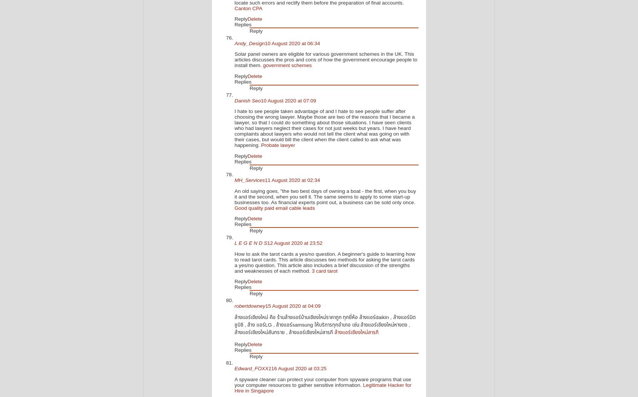  What do you see at coordinates (324, 261) in the screenshot?
I see `'How to ask the tarot cards a yes/no question. A beginner's guide to learning how to read tarot cards. This article discusses two methods for asking the tarot cards a yes/no question. This article also includes a brief discussion of the strengths and weaknesses of each method.'` at bounding box center [324, 261].